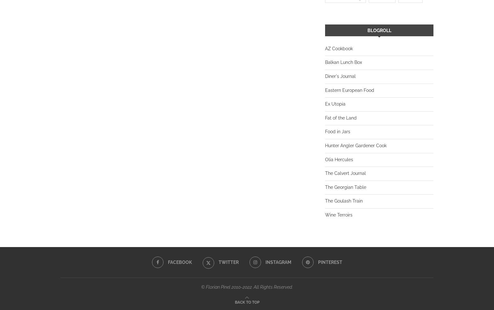 This screenshot has width=494, height=310. What do you see at coordinates (344, 201) in the screenshot?
I see `'The Goulash Train'` at bounding box center [344, 201].